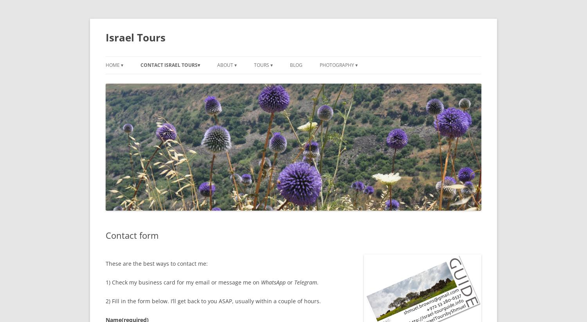  Describe the element at coordinates (170, 64) in the screenshot. I see `'Contact Israel Tours▾'` at that location.